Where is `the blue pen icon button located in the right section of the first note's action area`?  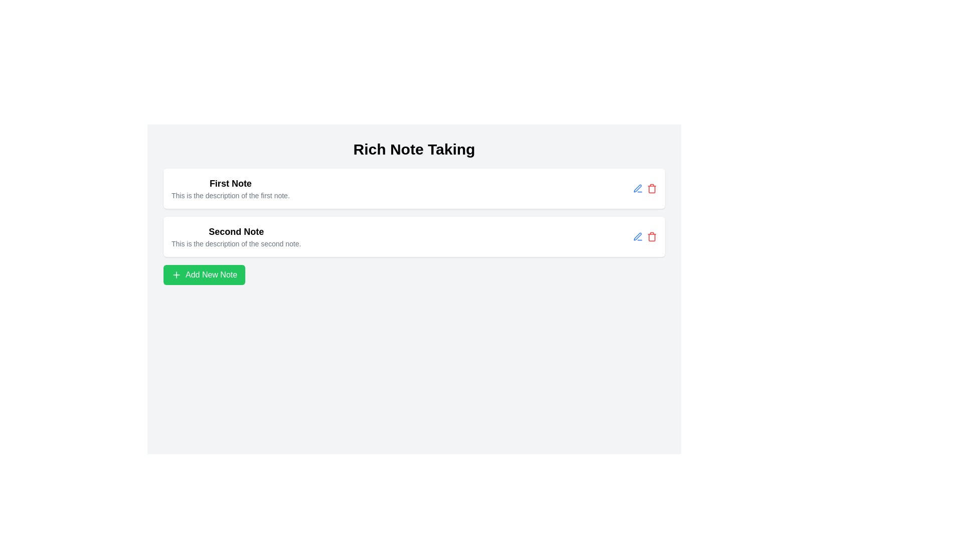 the blue pen icon button located in the right section of the first note's action area is located at coordinates (637, 236).